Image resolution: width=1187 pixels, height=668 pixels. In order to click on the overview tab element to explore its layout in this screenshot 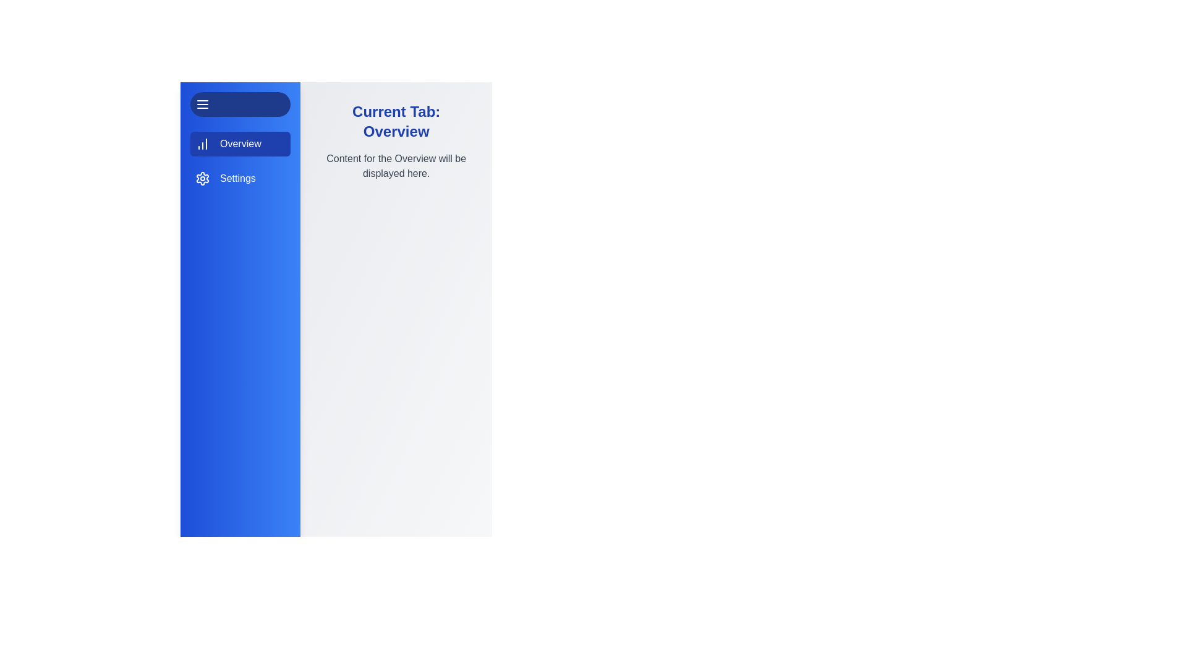, I will do `click(240, 143)`.